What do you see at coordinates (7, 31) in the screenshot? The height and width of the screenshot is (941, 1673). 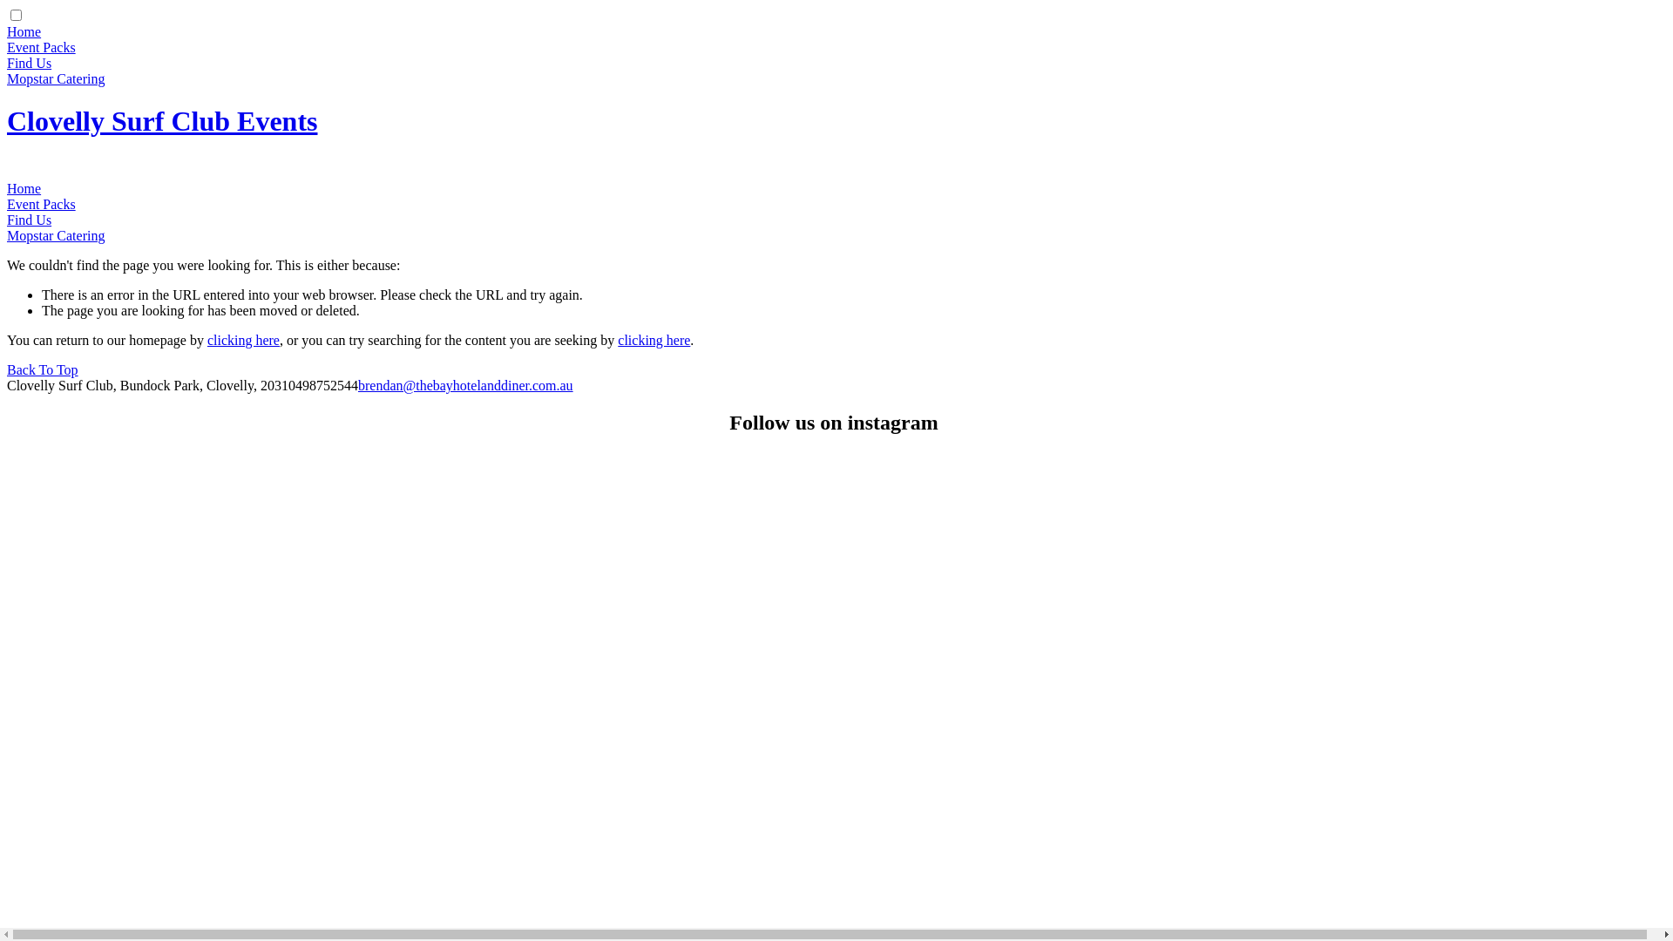 I see `'Home'` at bounding box center [7, 31].